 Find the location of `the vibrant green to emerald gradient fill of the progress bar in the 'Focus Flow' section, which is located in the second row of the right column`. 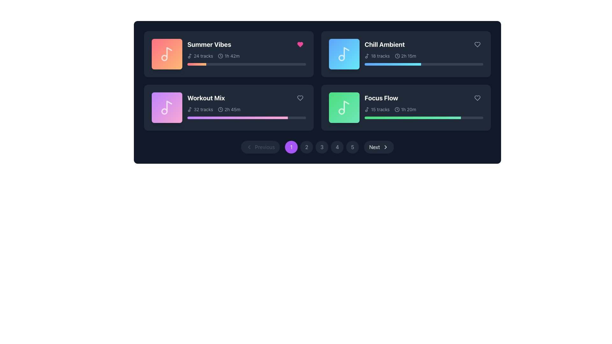

the vibrant green to emerald gradient fill of the progress bar in the 'Focus Flow' section, which is located in the second row of the right column is located at coordinates (412, 118).